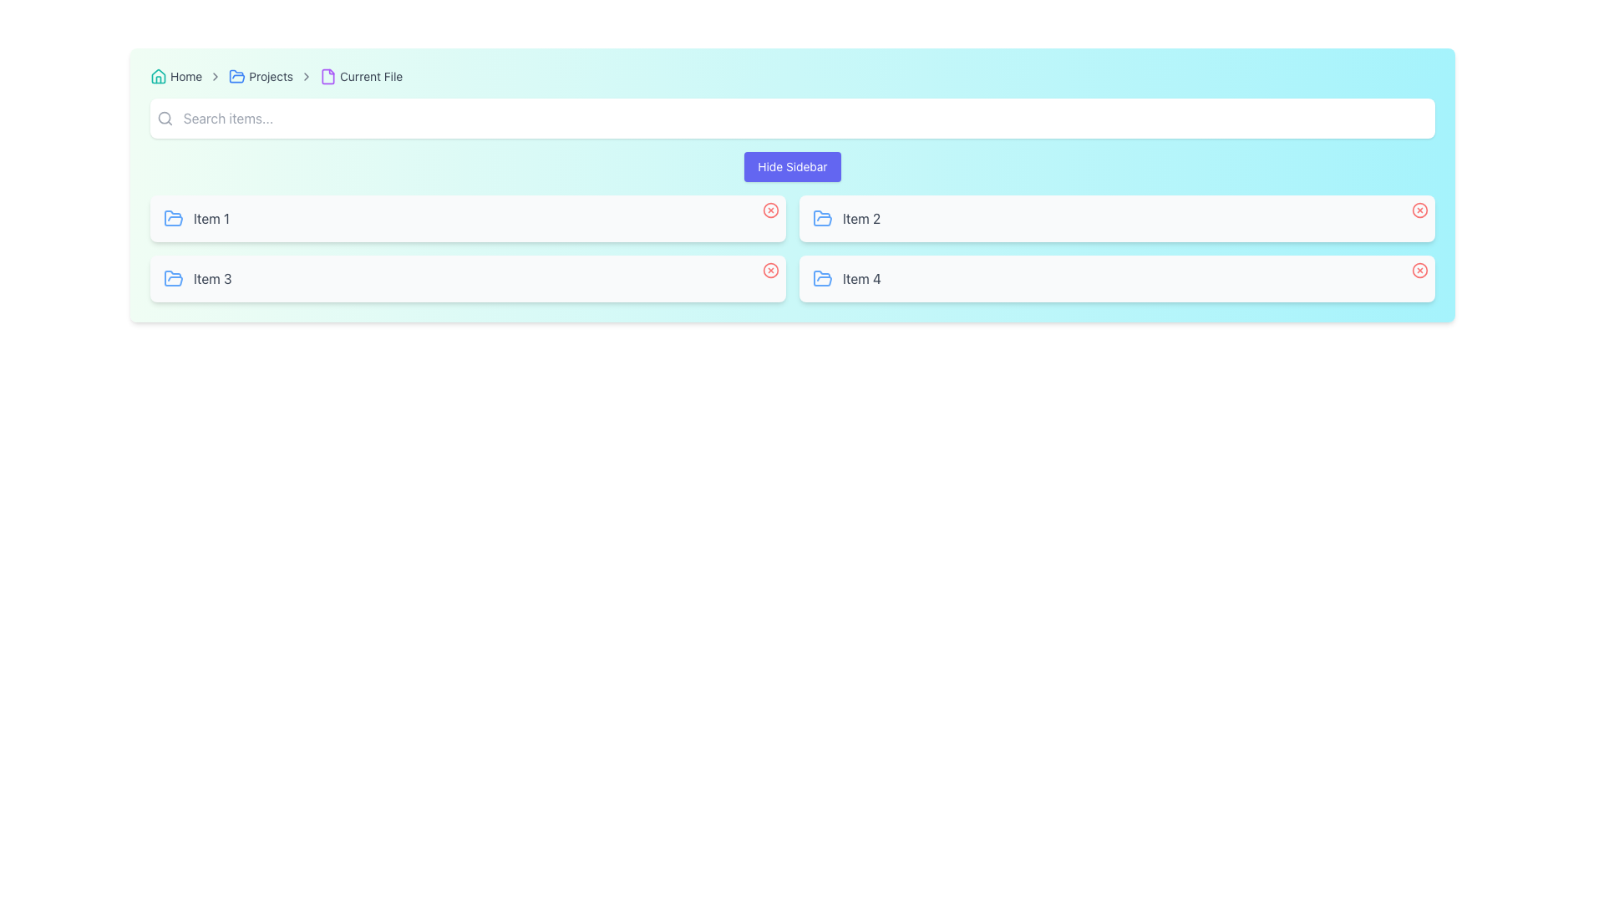 This screenshot has width=1604, height=902. Describe the element at coordinates (822, 217) in the screenshot. I see `the filesystem icon located in the second row adjacent to the text 'Item 2', indicating it represents a folder structure` at that location.